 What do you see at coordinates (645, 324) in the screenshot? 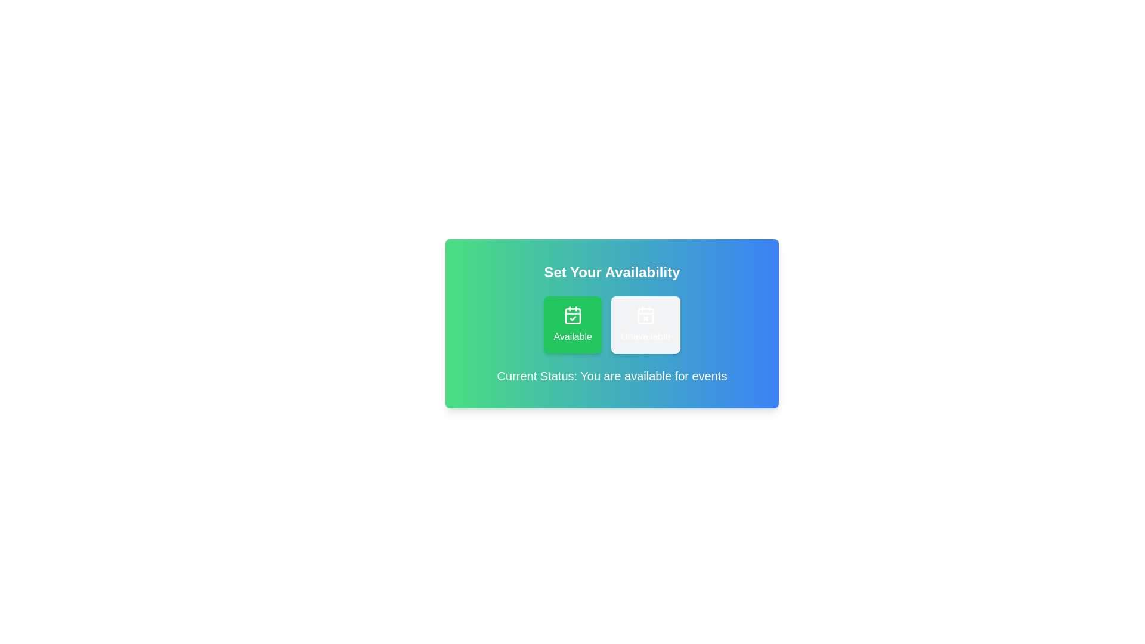
I see `the 'Unavailable' button to set the status to unavailable` at bounding box center [645, 324].